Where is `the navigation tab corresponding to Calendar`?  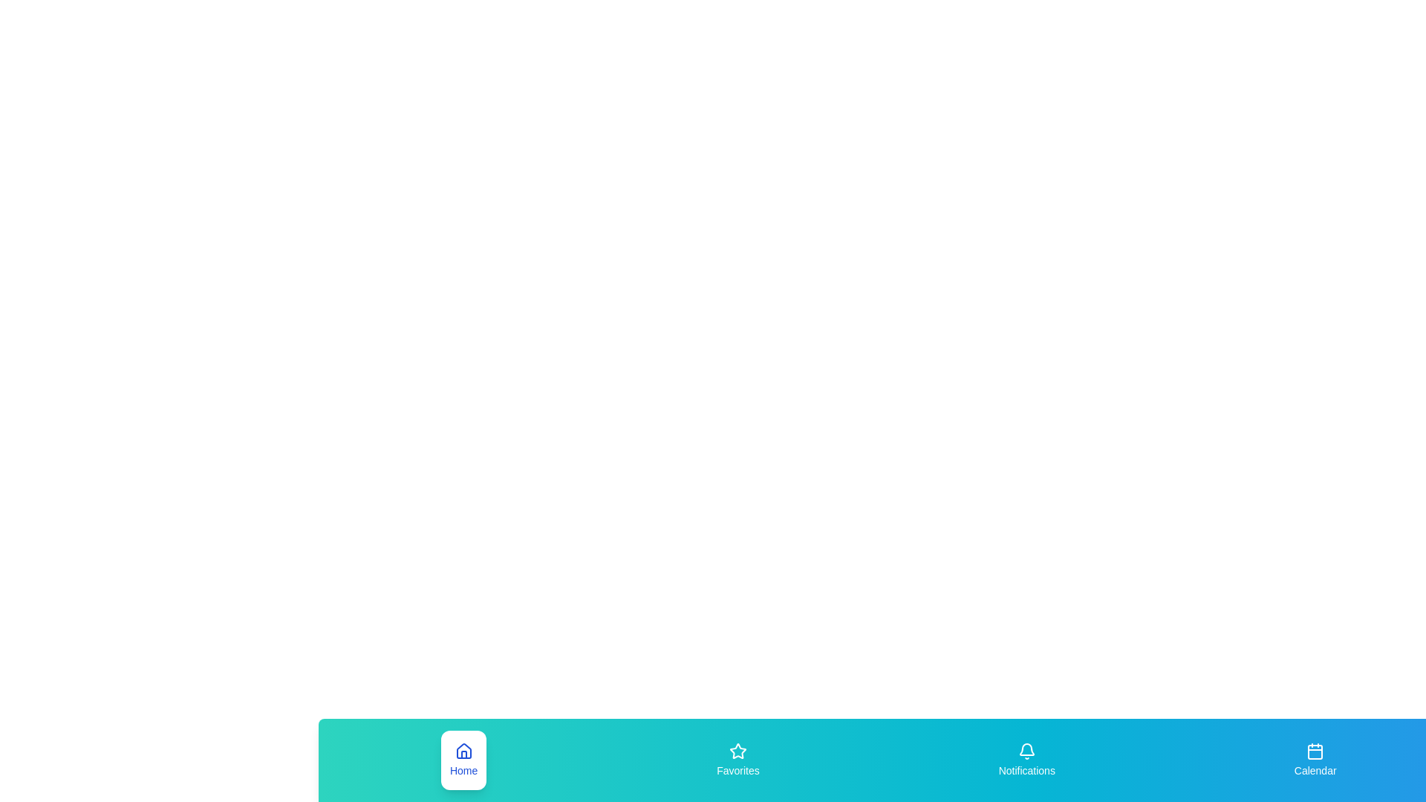
the navigation tab corresponding to Calendar is located at coordinates (1315, 760).